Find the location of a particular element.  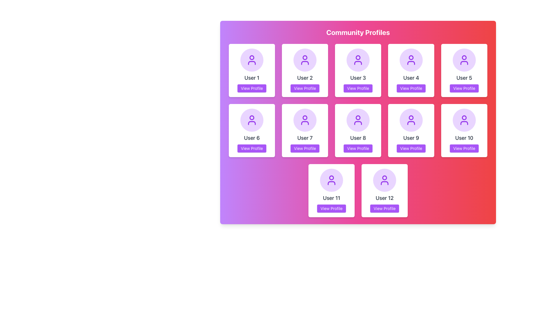

the purple circular decoration located in the center of the user avatar within the 'User 11' profile card is located at coordinates (331, 177).